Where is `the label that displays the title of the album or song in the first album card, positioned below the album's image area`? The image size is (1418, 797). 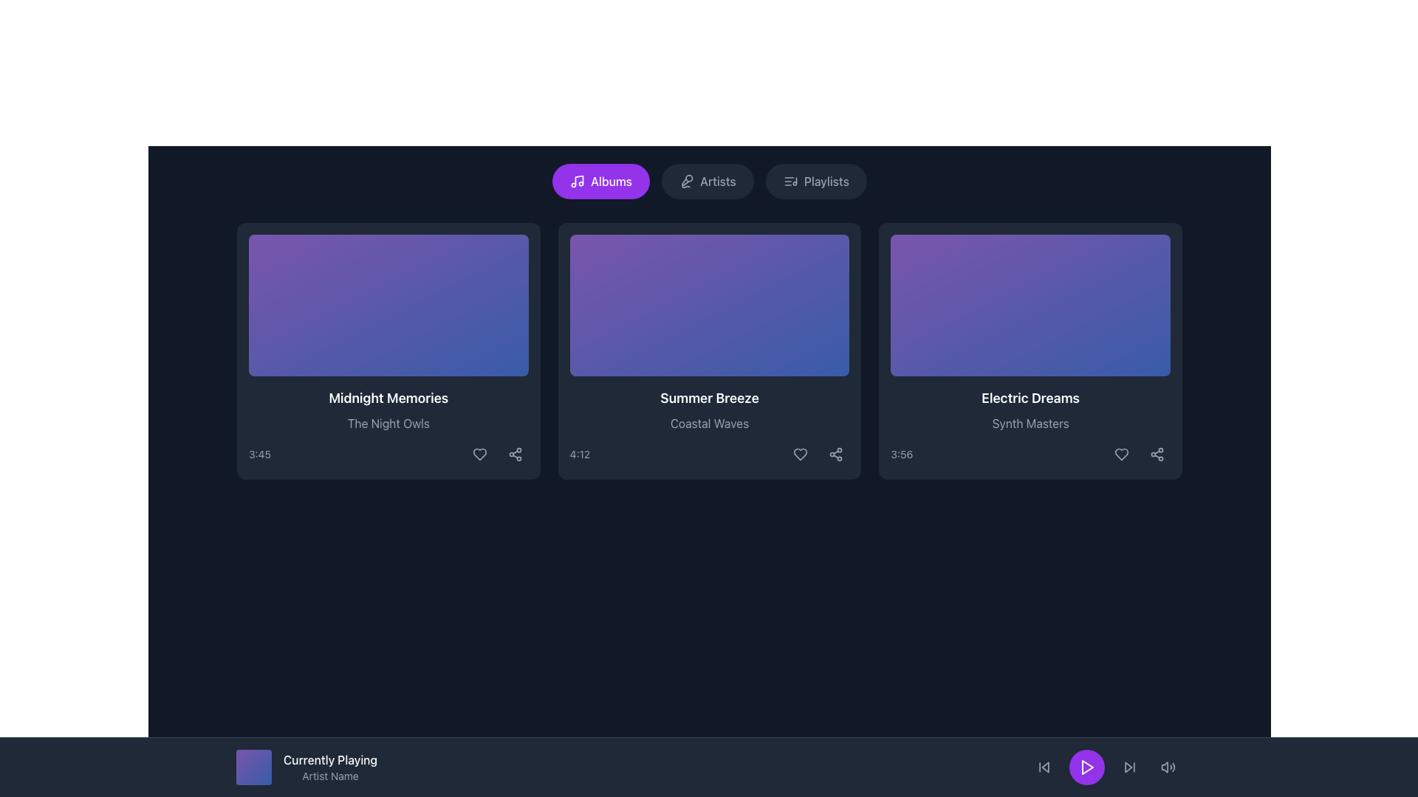 the label that displays the title of the album or song in the first album card, positioned below the album's image area is located at coordinates (388, 398).